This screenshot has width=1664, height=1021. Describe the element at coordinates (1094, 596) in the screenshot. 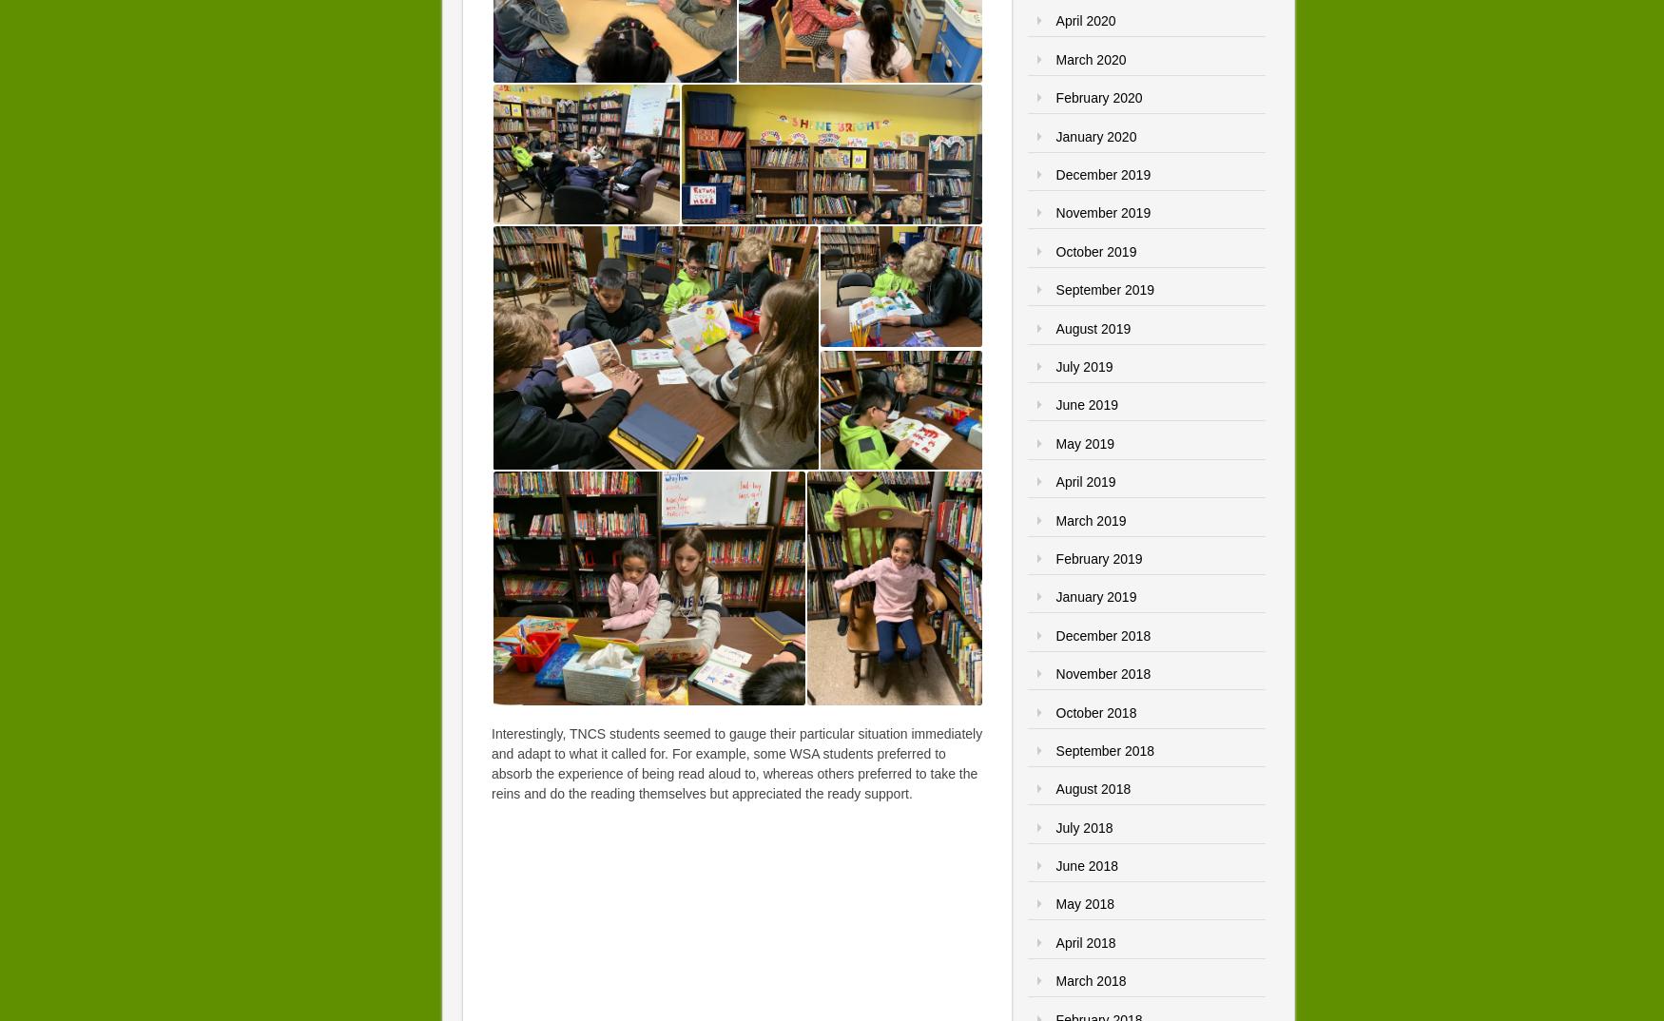

I see `'January 2019'` at that location.